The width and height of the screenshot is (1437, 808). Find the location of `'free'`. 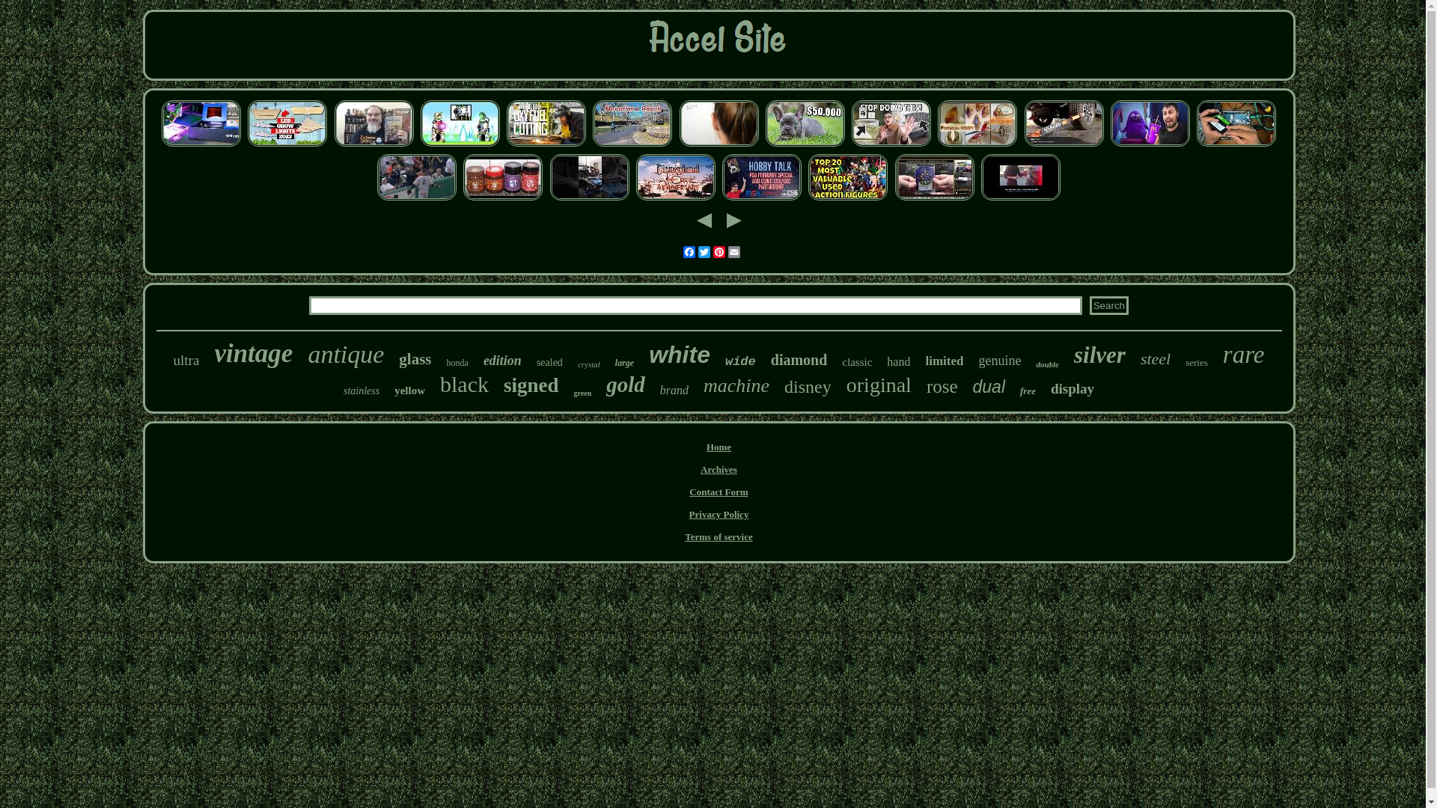

'free' is located at coordinates (1019, 391).